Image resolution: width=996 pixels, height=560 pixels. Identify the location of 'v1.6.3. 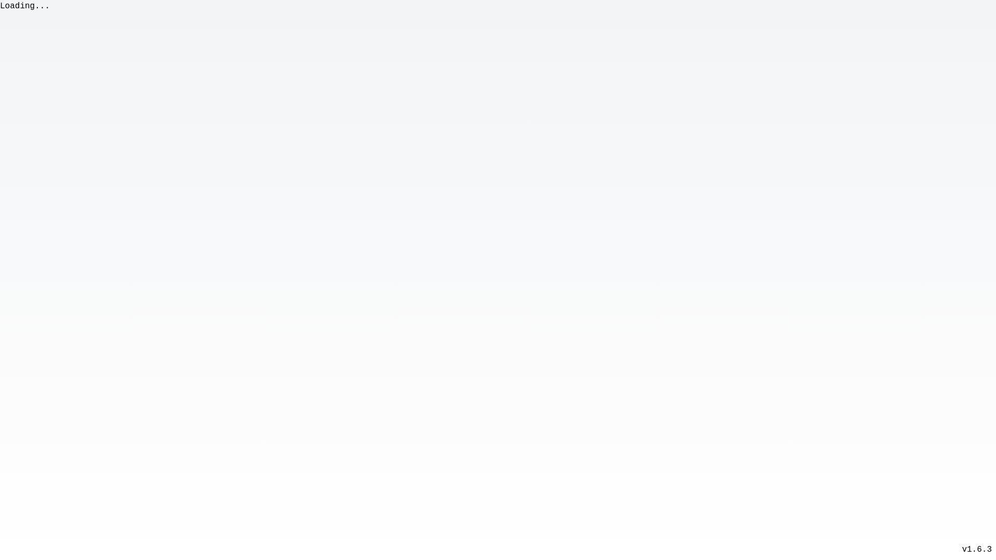
(976, 549).